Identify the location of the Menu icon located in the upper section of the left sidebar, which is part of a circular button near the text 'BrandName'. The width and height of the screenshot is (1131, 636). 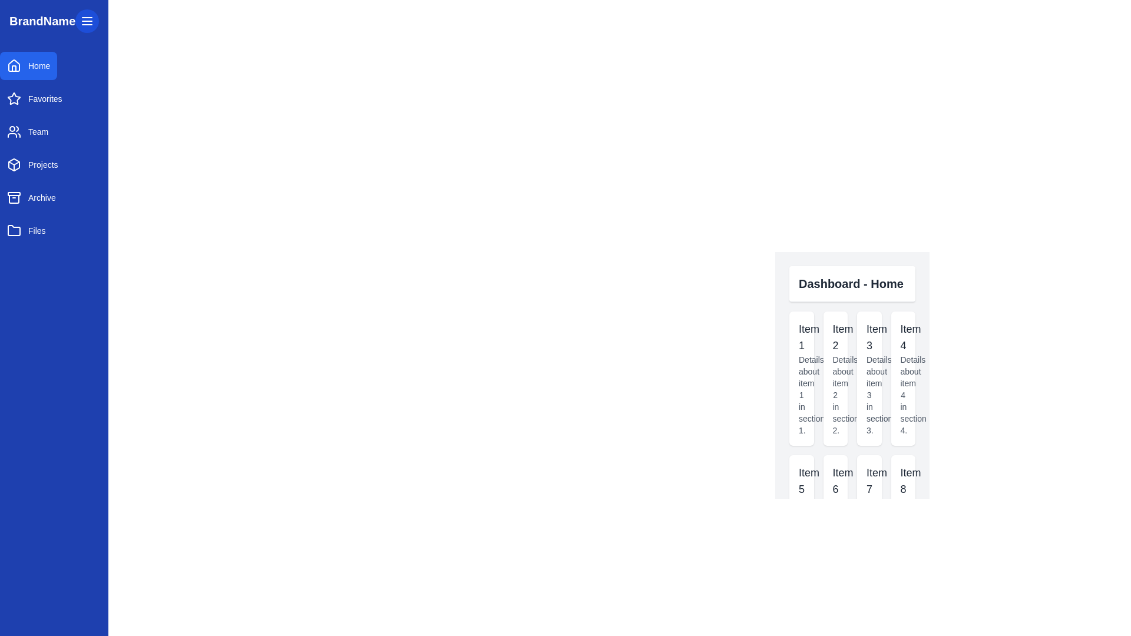
(87, 21).